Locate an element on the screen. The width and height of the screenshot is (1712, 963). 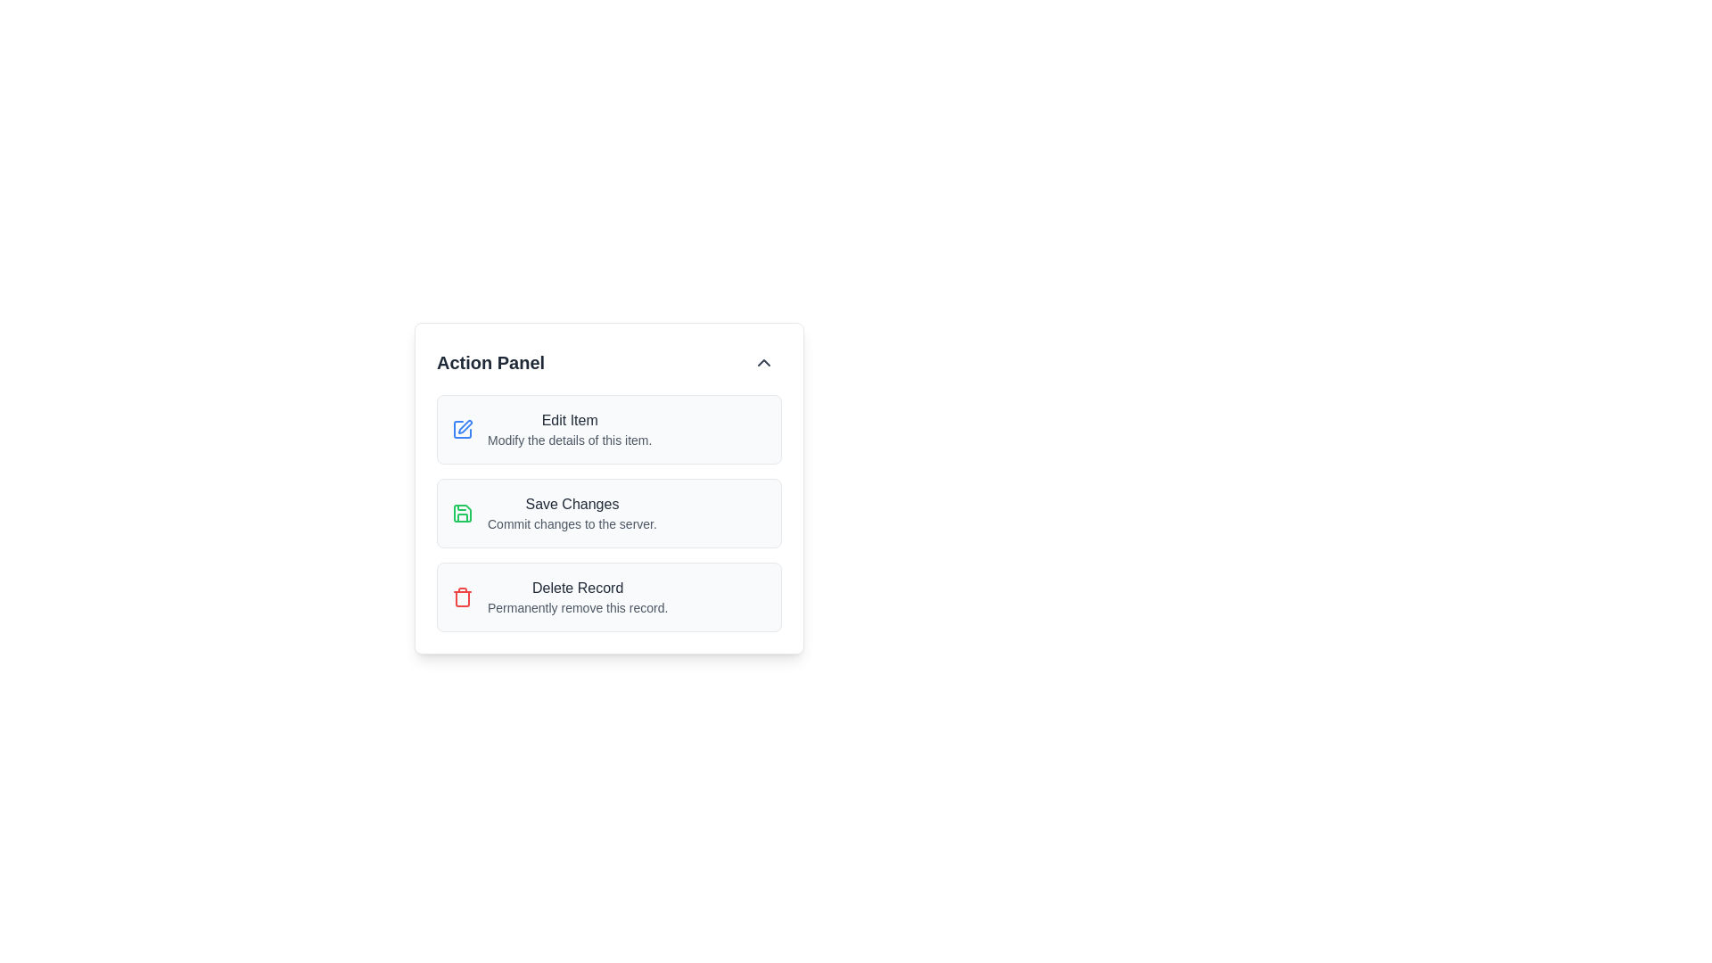
the 'Save Changes' action card, which is the second item in the vertical list of action cards located in the middle portion of the Action Panel section is located at coordinates (609, 513).